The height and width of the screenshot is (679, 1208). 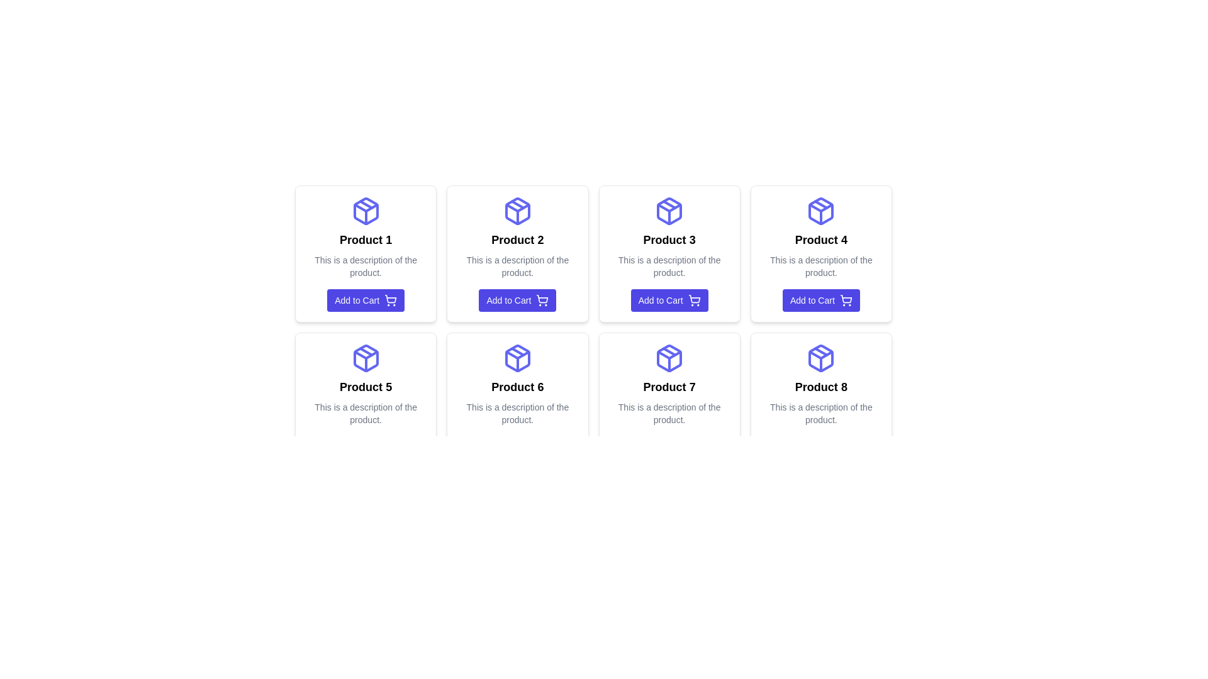 I want to click on the rectangular 'Add to Cart' button with white text on a blue background, located at the bottom center of the 'Product 4' card, so click(x=821, y=301).